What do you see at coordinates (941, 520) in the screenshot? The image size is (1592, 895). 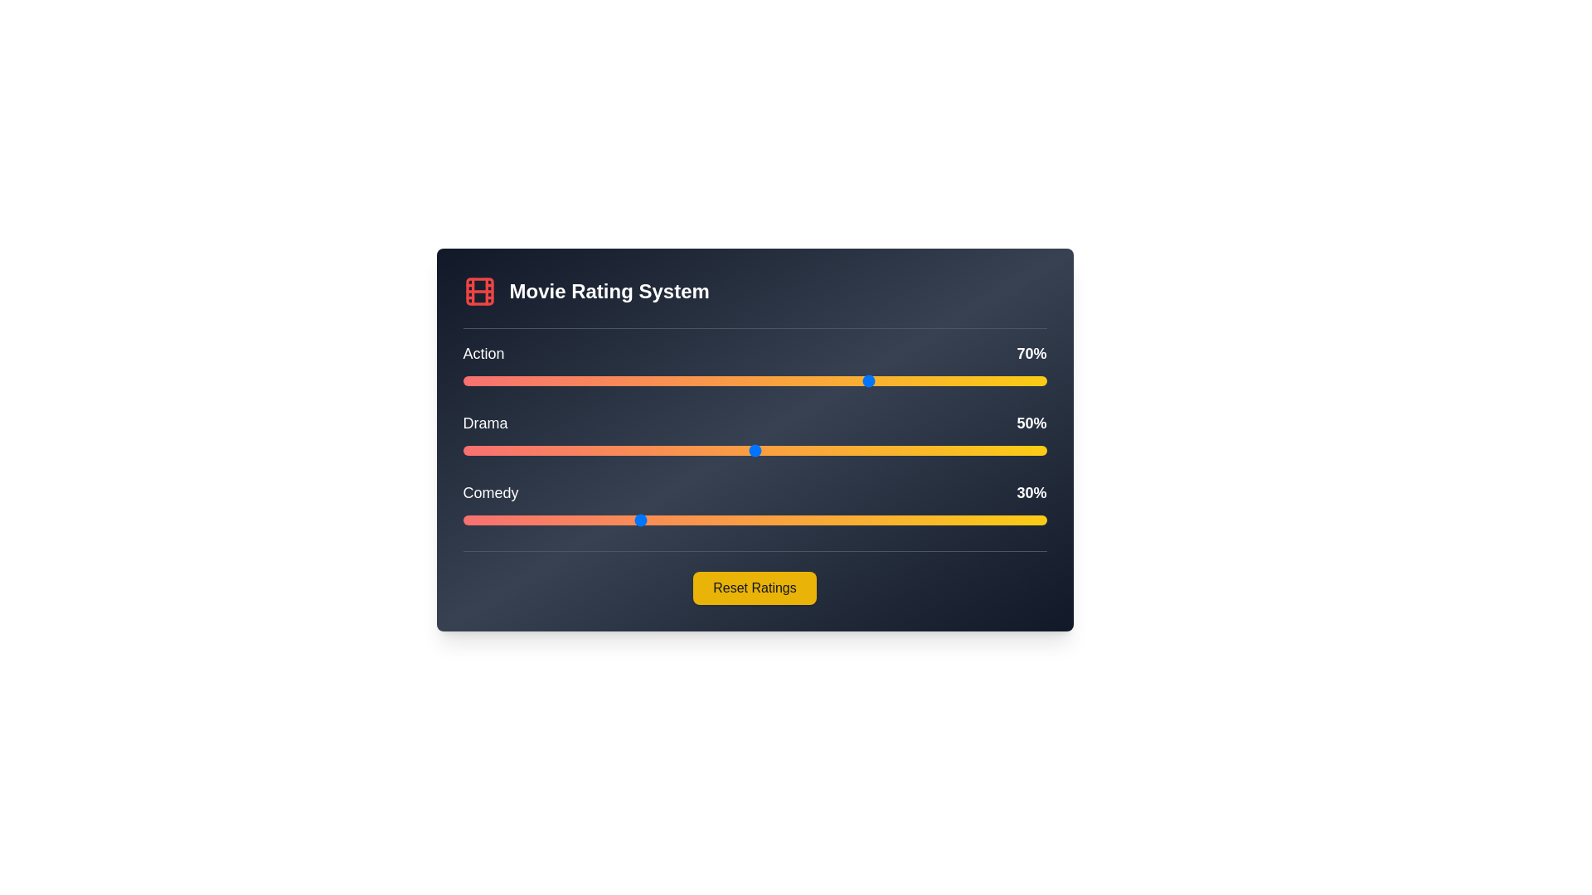 I see `the Comedy slider to 82%` at bounding box center [941, 520].